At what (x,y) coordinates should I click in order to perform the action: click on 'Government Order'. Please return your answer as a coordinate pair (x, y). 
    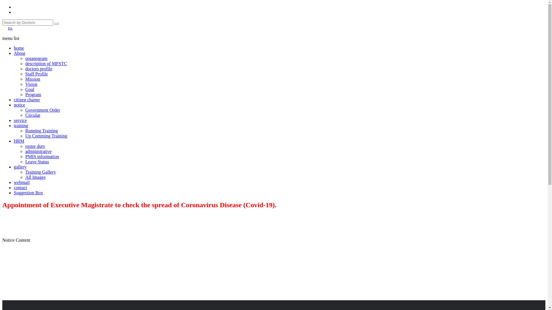
    Looking at the image, I should click on (42, 110).